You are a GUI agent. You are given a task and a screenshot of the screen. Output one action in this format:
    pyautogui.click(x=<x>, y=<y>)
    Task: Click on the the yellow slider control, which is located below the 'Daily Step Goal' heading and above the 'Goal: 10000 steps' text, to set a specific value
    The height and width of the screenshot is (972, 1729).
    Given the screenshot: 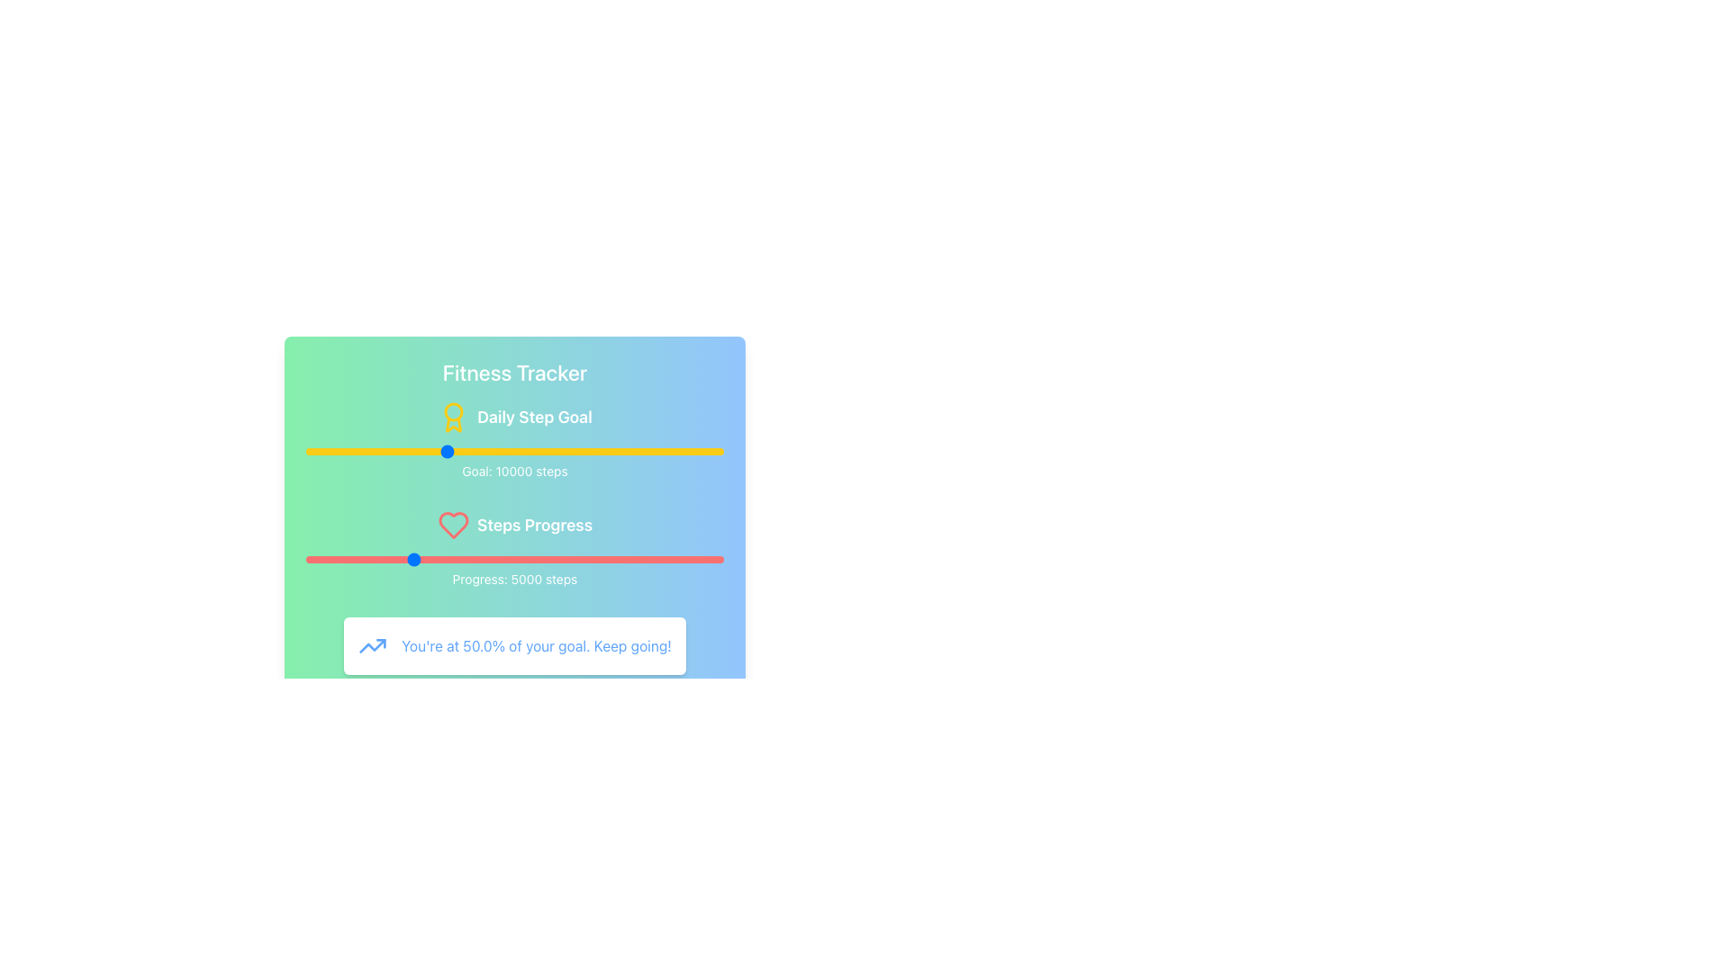 What is the action you would take?
    pyautogui.click(x=513, y=450)
    